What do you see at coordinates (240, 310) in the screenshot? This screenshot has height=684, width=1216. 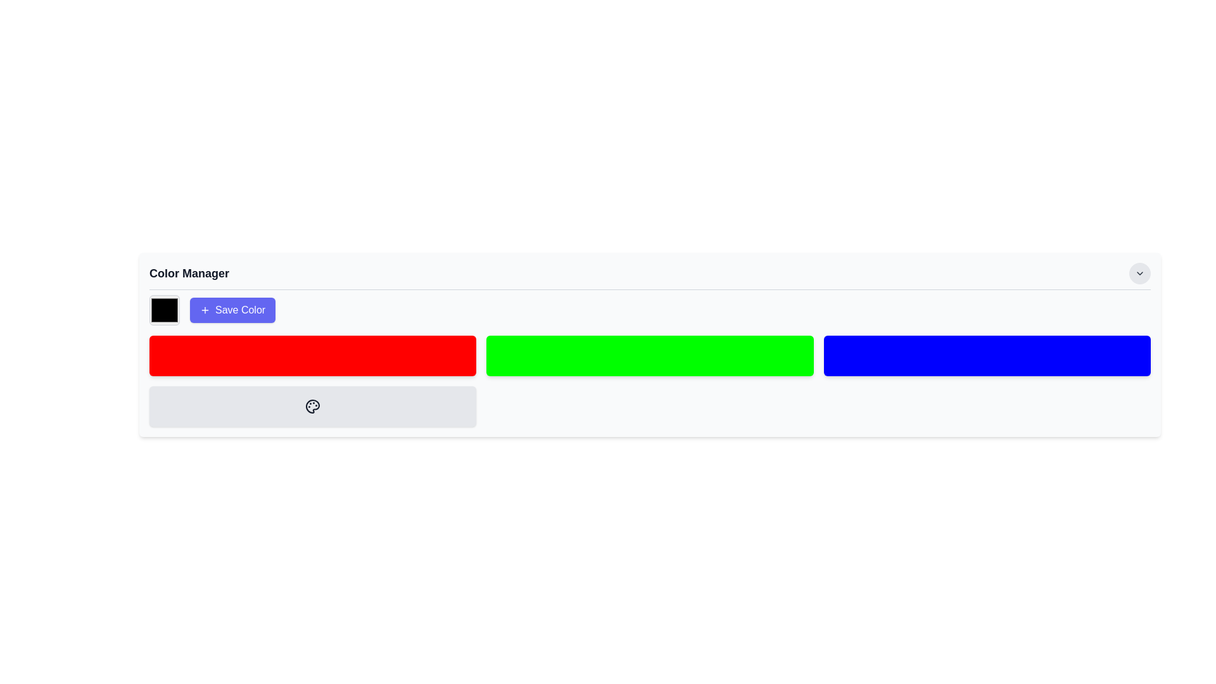 I see `the label indicating the purpose of the button for saving a color, located near the top-right side of the visible area, next to a black square` at bounding box center [240, 310].